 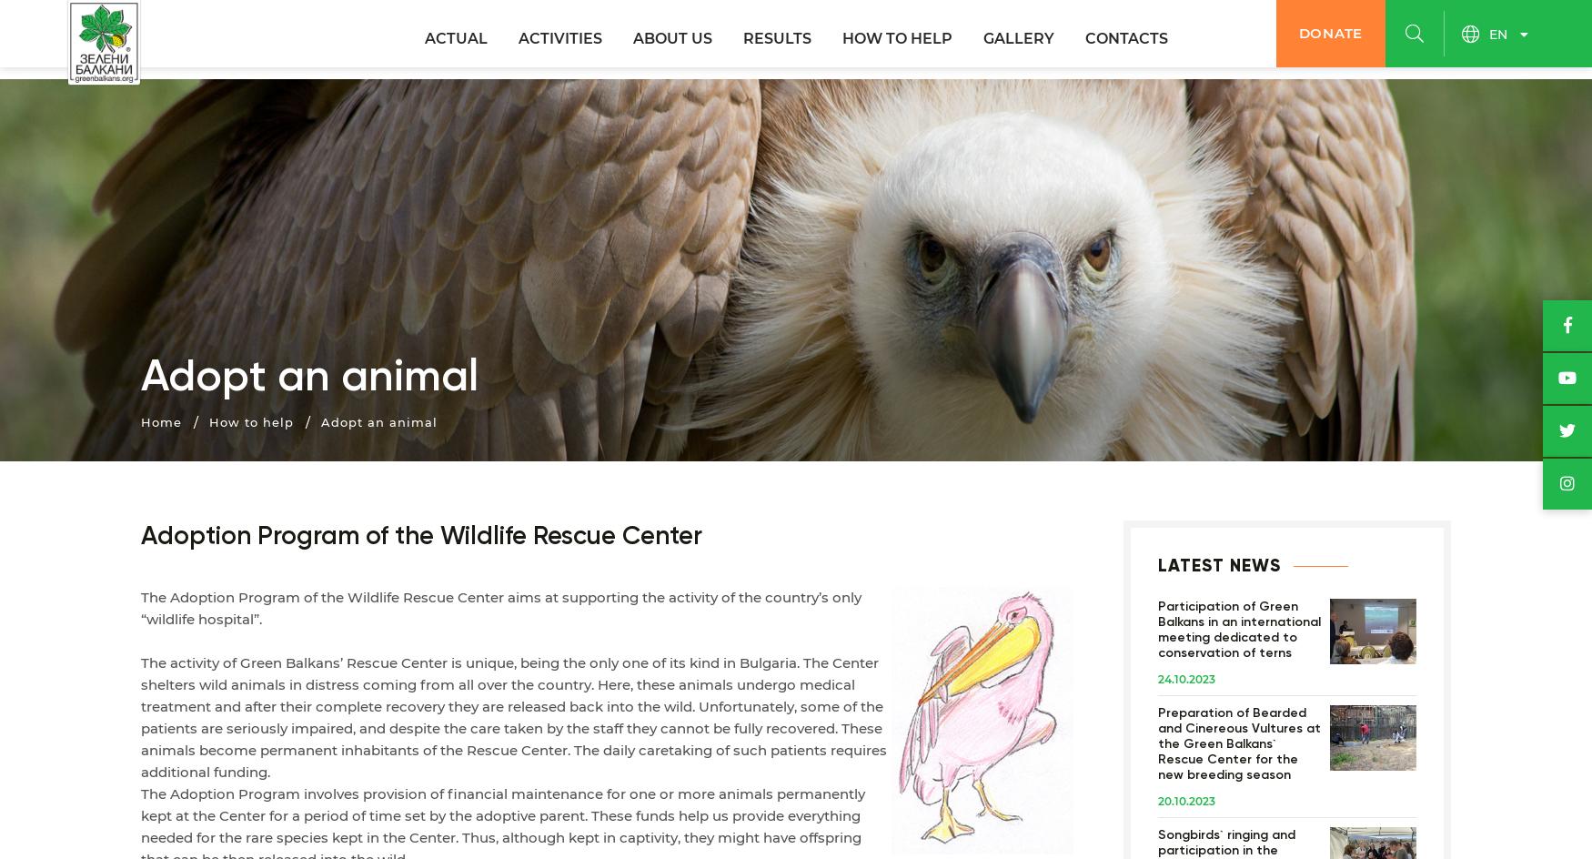 I want to click on 'Photos', so click(x=1016, y=108).